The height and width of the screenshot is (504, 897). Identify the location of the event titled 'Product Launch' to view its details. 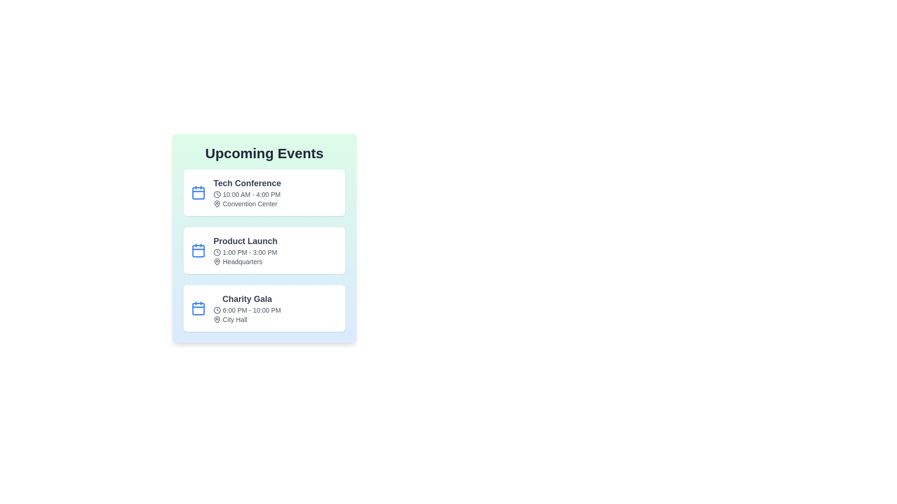
(264, 250).